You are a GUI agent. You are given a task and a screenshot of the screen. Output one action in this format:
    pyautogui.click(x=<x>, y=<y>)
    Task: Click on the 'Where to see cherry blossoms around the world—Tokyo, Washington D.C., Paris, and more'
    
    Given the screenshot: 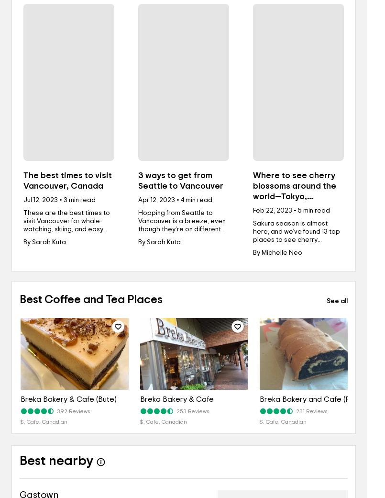 What is the action you would take?
    pyautogui.click(x=294, y=197)
    